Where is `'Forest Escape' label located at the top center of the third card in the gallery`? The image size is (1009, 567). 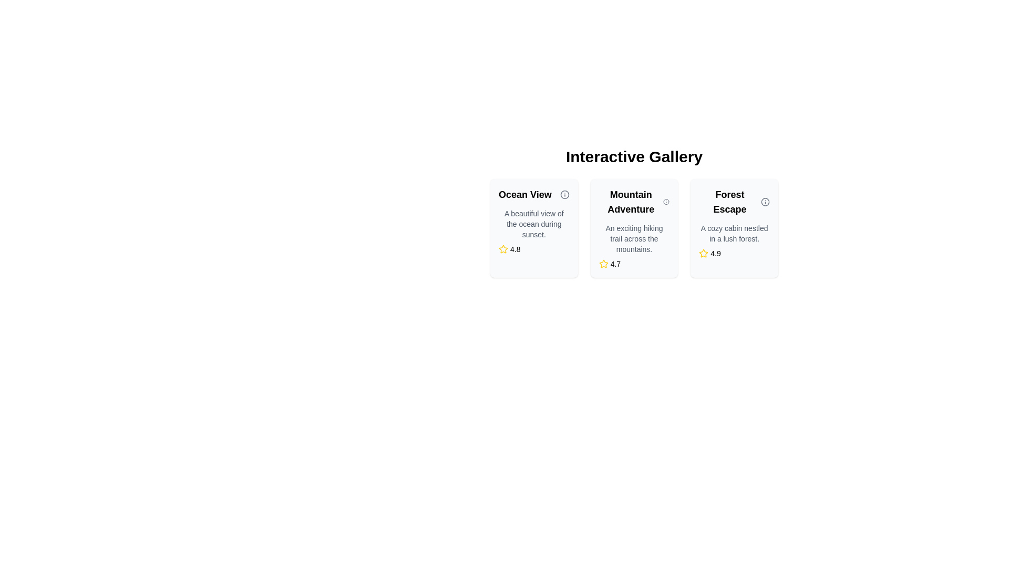
'Forest Escape' label located at the top center of the third card in the gallery is located at coordinates (734, 202).